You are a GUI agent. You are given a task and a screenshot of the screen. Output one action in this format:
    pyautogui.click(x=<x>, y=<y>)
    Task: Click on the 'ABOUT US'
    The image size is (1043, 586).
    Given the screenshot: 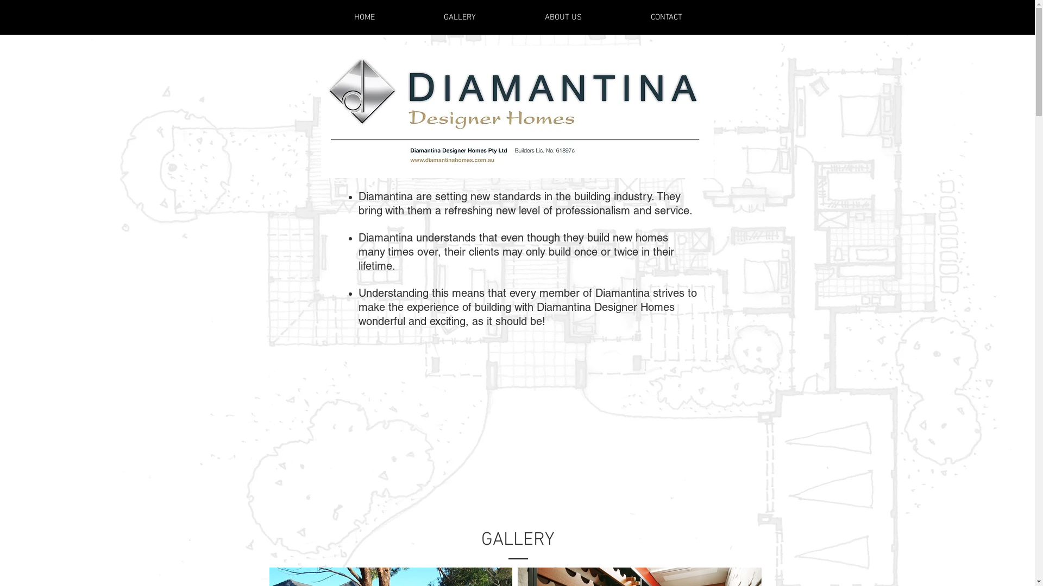 What is the action you would take?
    pyautogui.click(x=563, y=17)
    